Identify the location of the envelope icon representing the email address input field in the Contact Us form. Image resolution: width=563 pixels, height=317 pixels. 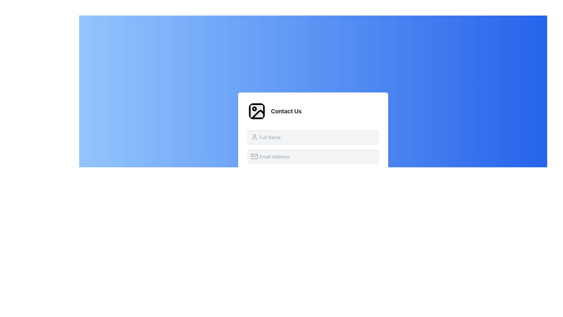
(255, 156).